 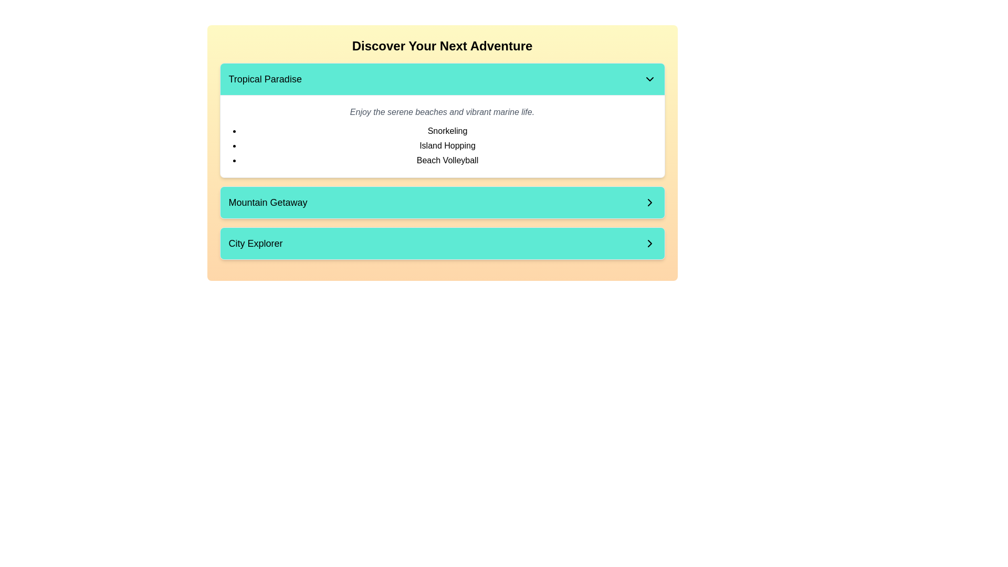 What do you see at coordinates (447, 145) in the screenshot?
I see `the text label displaying 'Island Hopping', which is the second item in the bullet list under the 'Tropical Paradise' section, positioned between 'Snorkeling' and 'Beach Volleyball'` at bounding box center [447, 145].